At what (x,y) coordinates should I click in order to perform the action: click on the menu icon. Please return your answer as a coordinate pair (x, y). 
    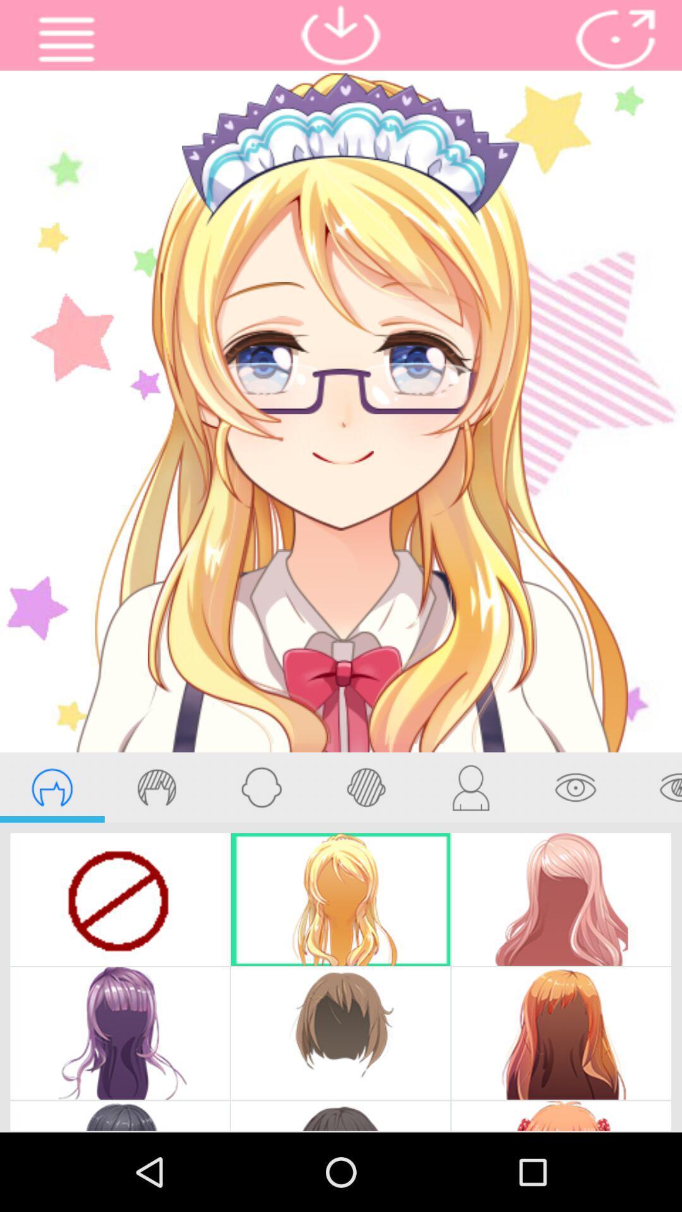
    Looking at the image, I should click on (66, 42).